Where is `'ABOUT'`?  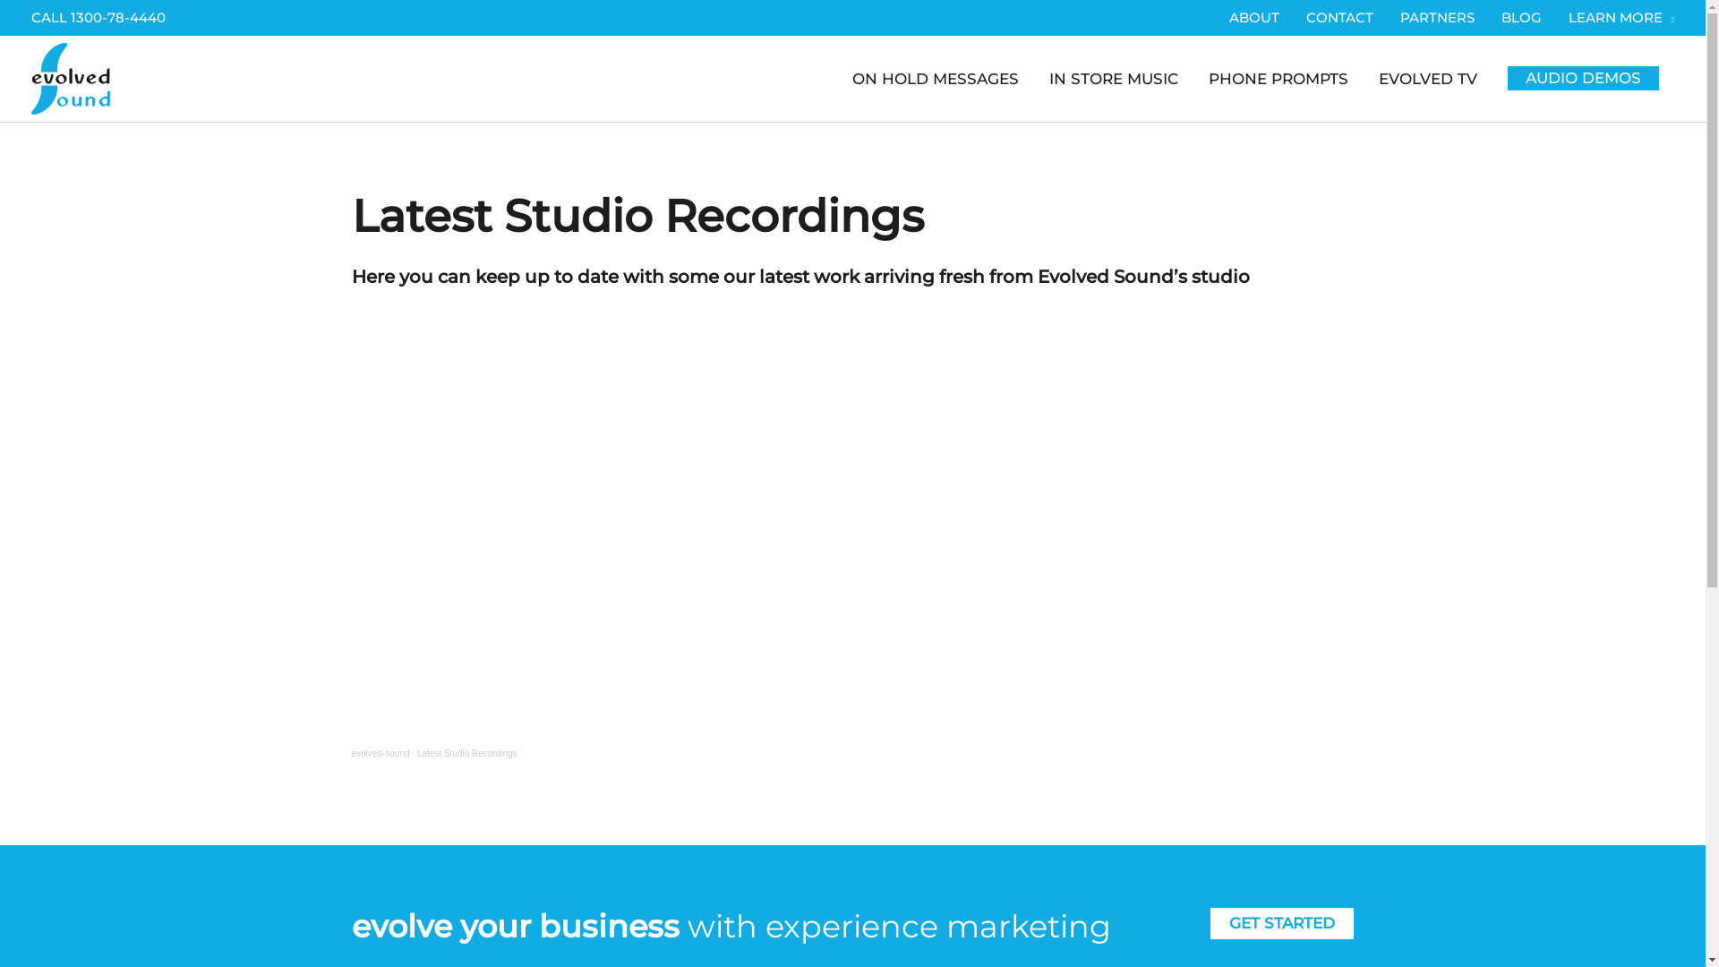 'ABOUT' is located at coordinates (1253, 17).